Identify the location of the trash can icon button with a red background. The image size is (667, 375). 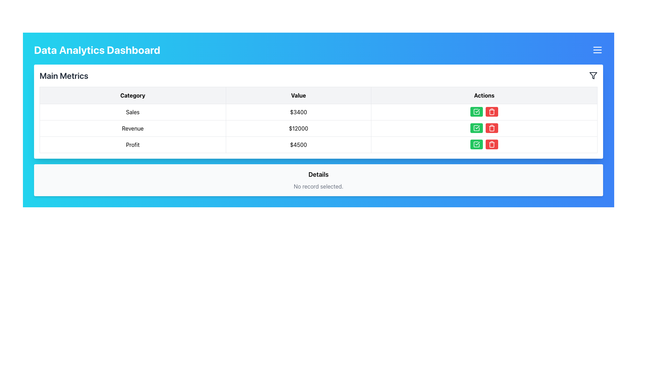
(492, 111).